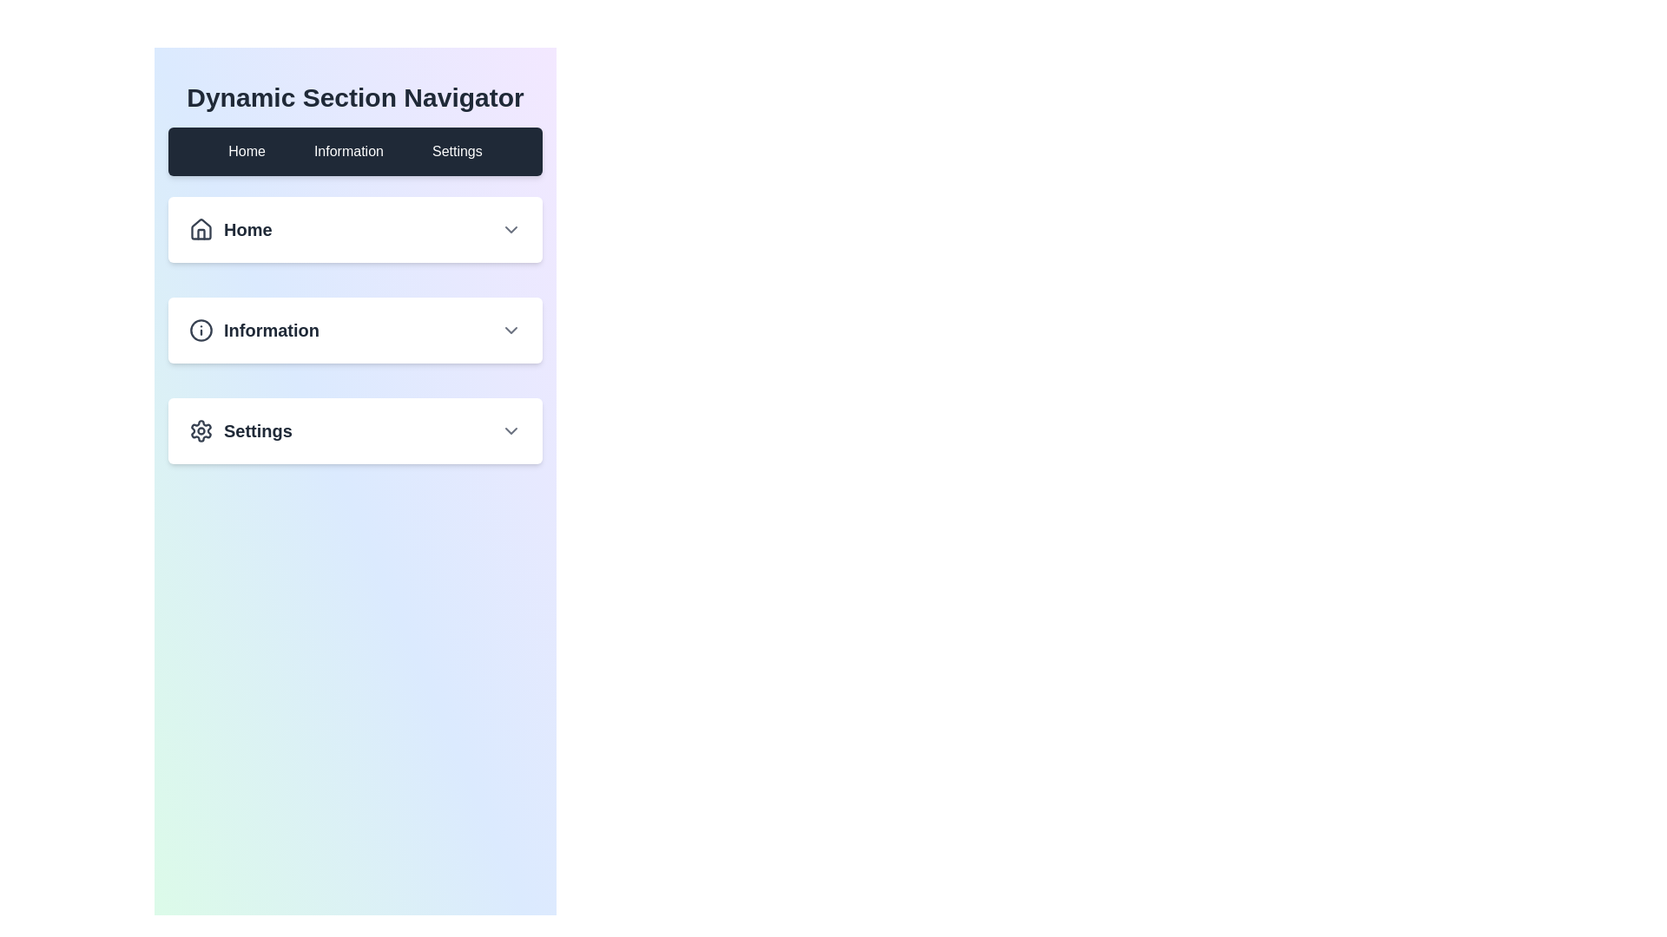  Describe the element at coordinates (511, 331) in the screenshot. I see `the downward-pointing chevron icon located on the right side of the 'Information' section header` at that location.